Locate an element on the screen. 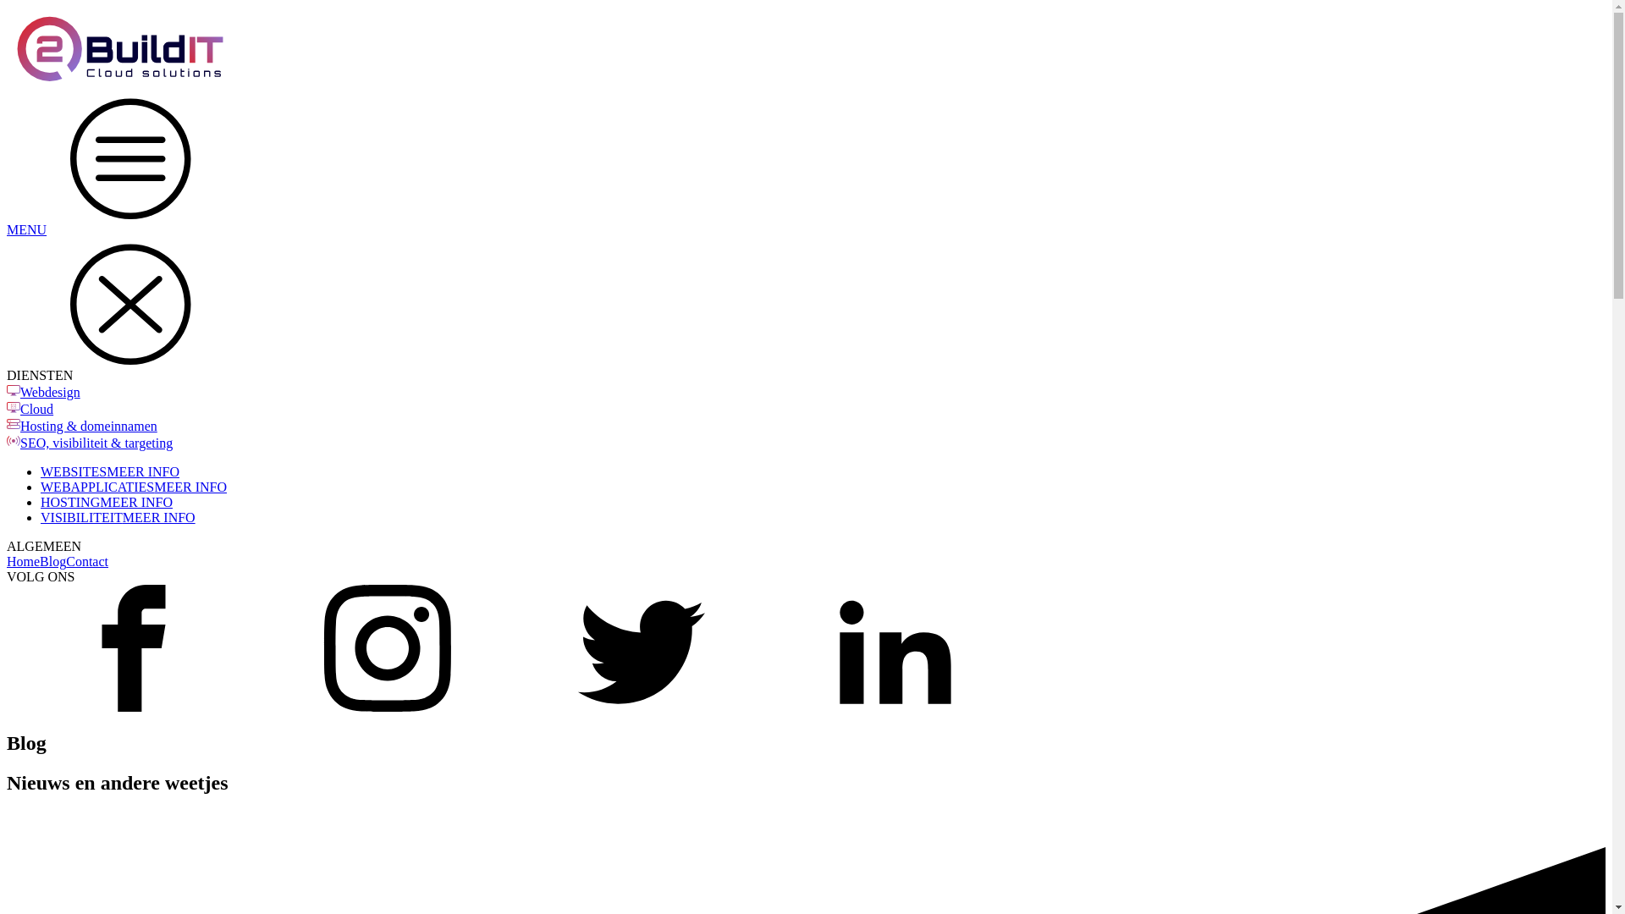 This screenshot has width=1625, height=914. 'Blog' is located at coordinates (52, 561).